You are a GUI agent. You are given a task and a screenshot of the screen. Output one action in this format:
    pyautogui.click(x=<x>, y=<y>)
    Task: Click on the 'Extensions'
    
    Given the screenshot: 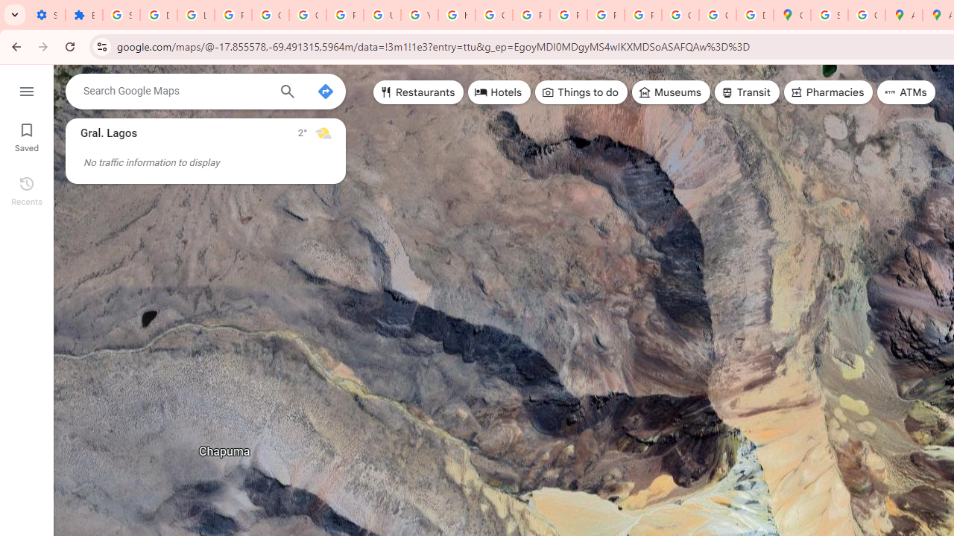 What is the action you would take?
    pyautogui.click(x=83, y=15)
    